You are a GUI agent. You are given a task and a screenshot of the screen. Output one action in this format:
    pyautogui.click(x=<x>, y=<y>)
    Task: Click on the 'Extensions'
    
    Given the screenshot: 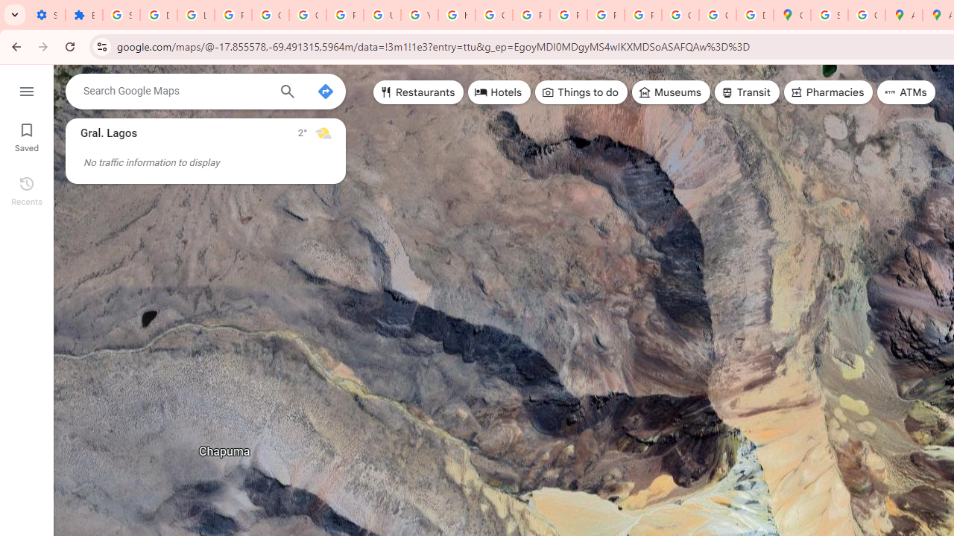 What is the action you would take?
    pyautogui.click(x=83, y=15)
    